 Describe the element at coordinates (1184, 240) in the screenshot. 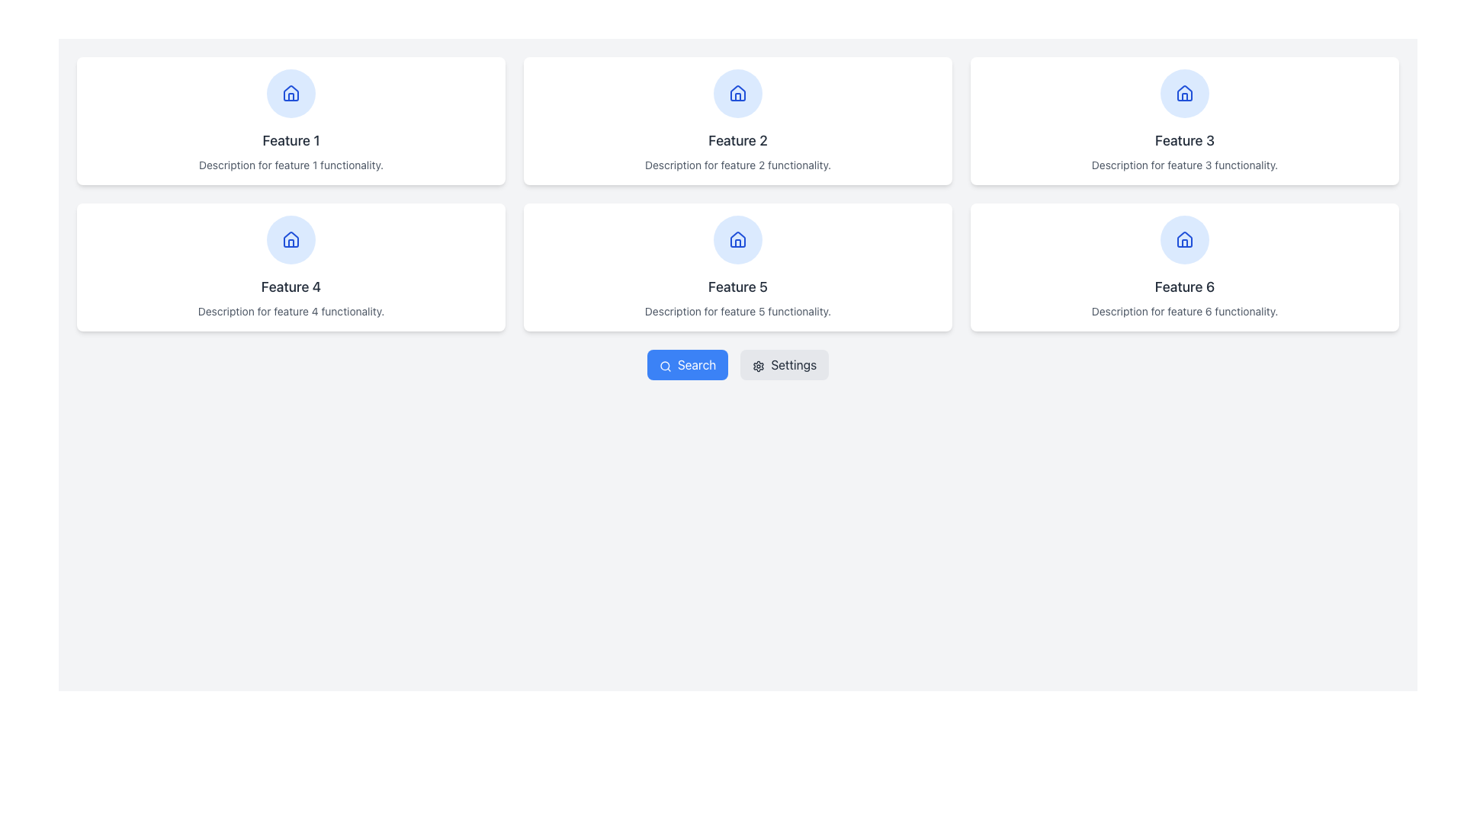

I see `the circular icon with a light blue background and house symbol located in the card labeled 'Feature 6' in the bottom-right corner of the grid layout` at that location.